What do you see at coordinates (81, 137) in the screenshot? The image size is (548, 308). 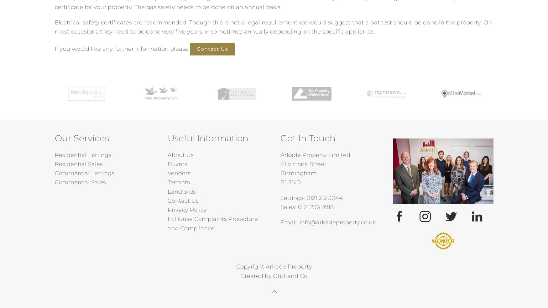 I see `'Our Services'` at bounding box center [81, 137].